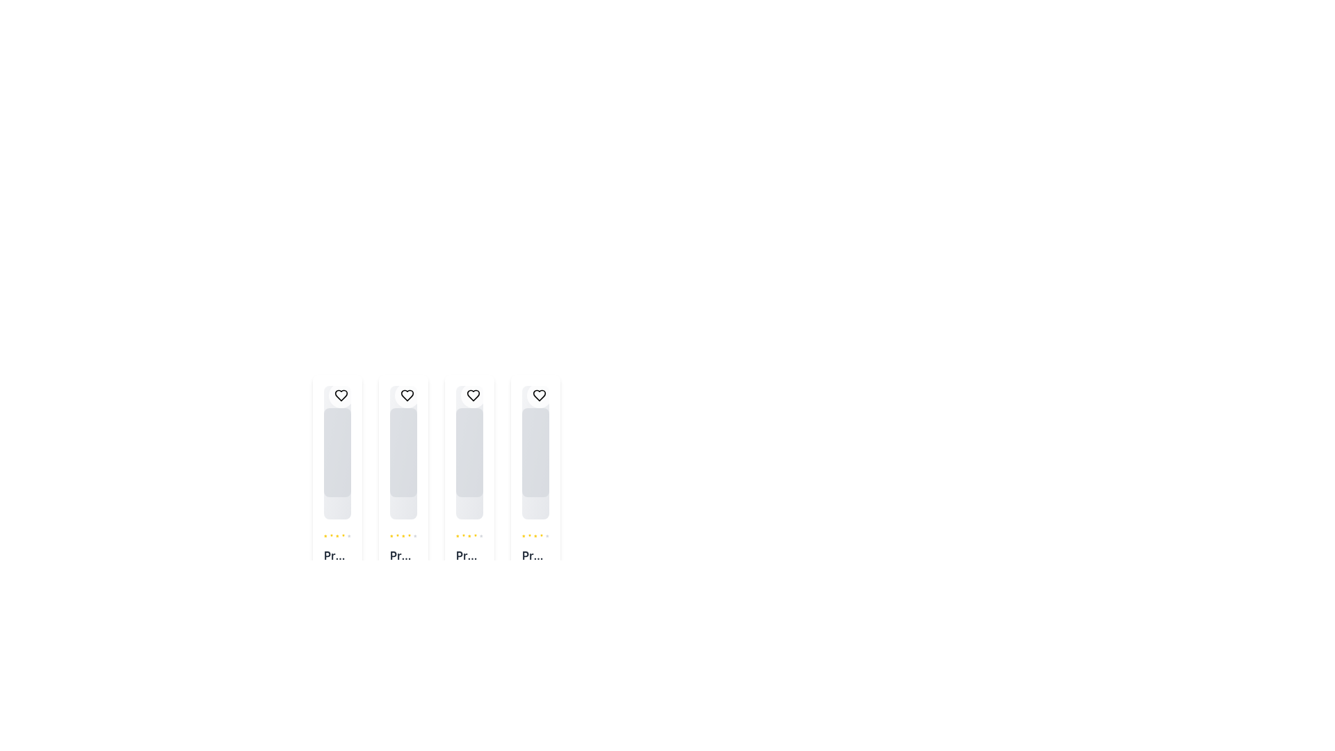  Describe the element at coordinates (463, 535) in the screenshot. I see `the third star in the star rating icon group` at that location.